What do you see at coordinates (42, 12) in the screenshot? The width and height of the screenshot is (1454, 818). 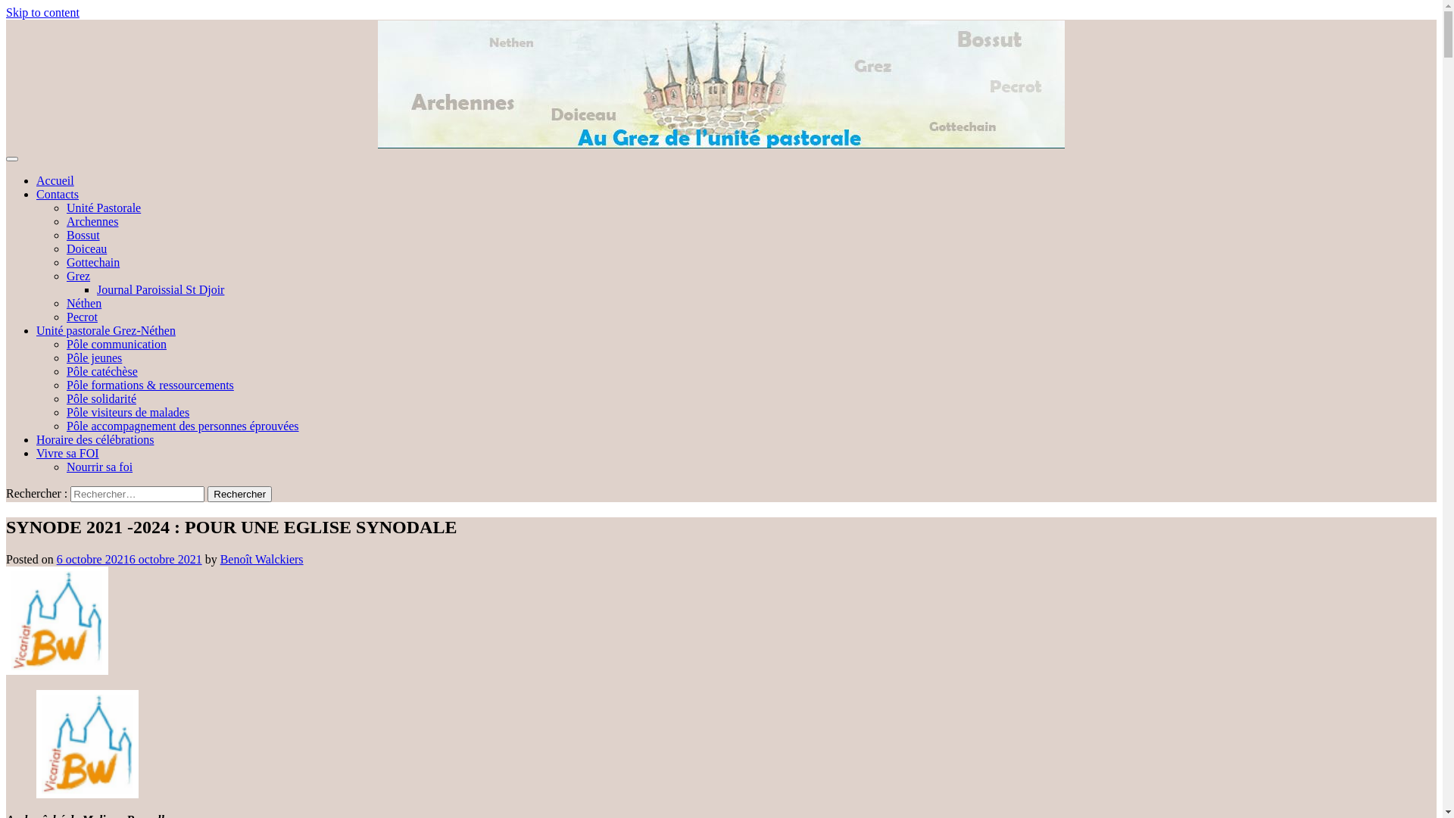 I see `'Skip to content'` at bounding box center [42, 12].